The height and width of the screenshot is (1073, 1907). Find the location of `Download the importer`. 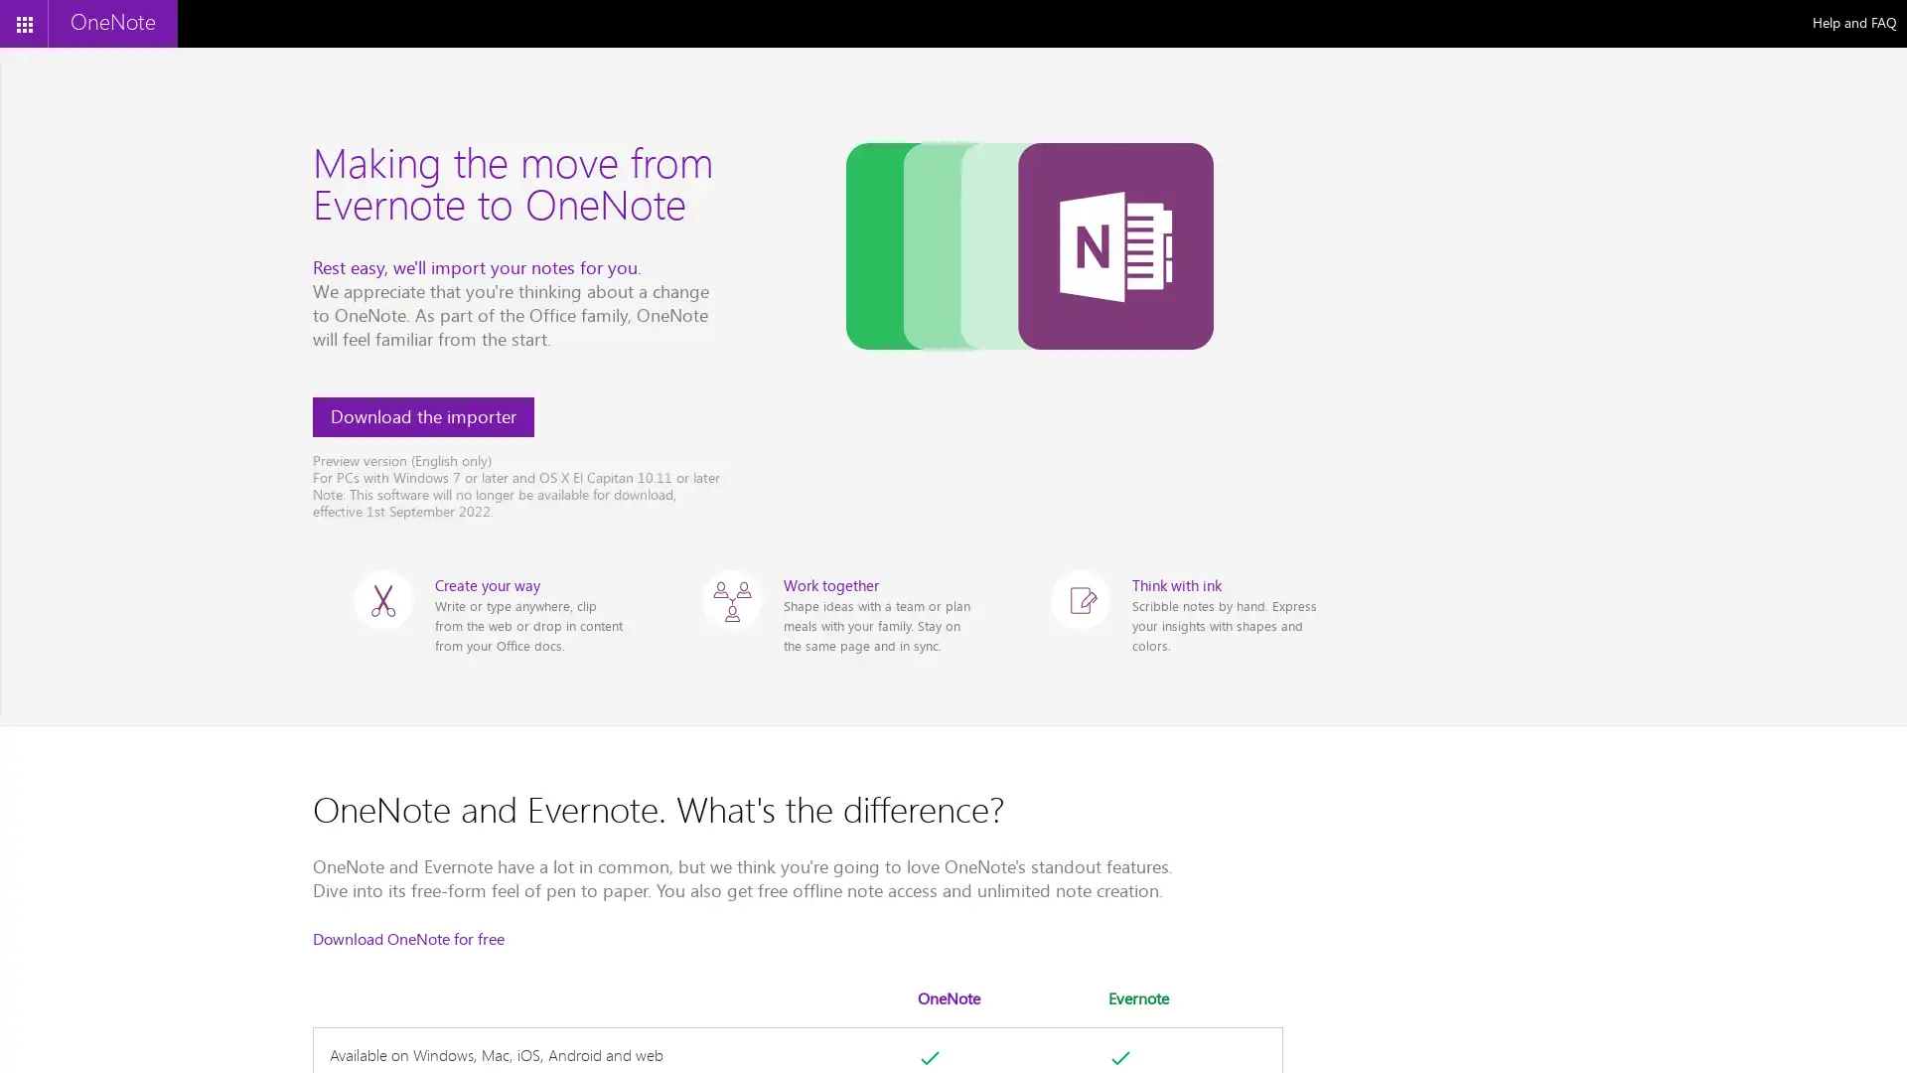

Download the importer is located at coordinates (422, 416).